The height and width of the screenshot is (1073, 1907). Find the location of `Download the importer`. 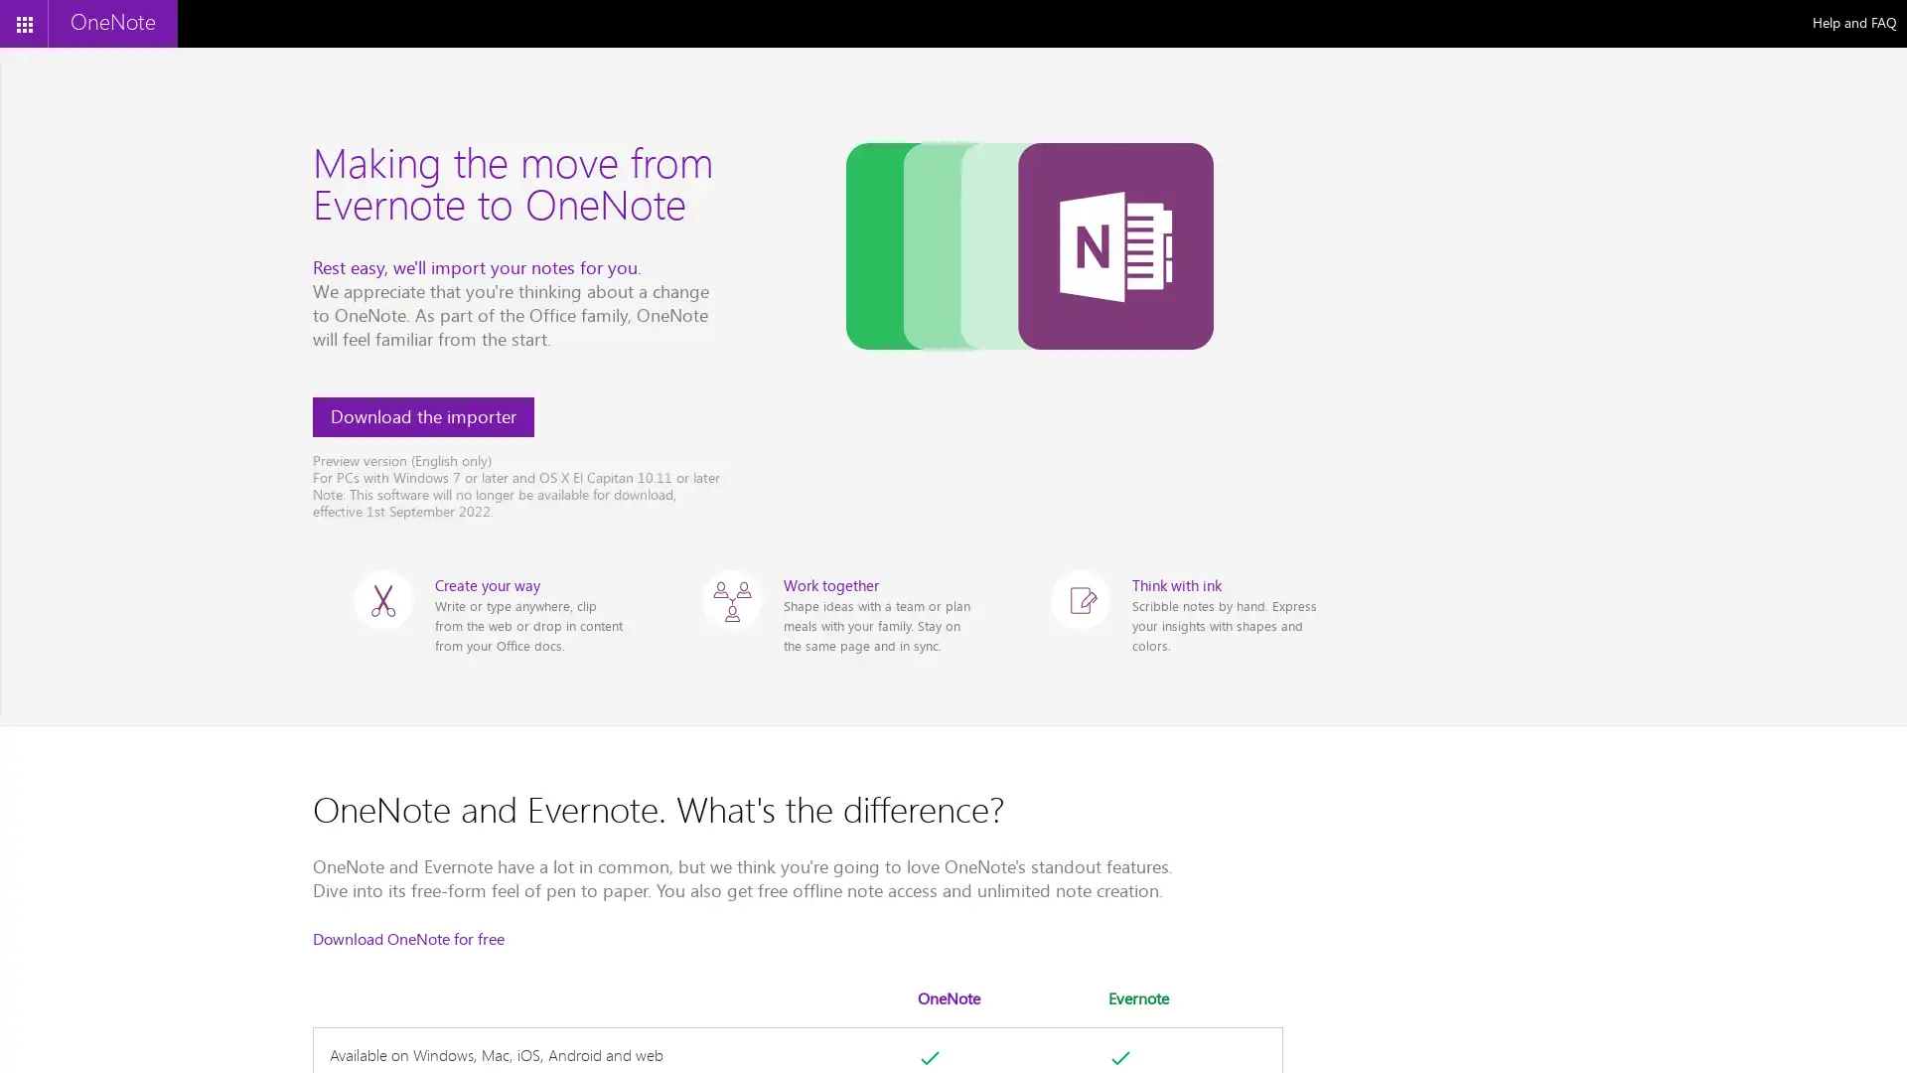

Download the importer is located at coordinates (422, 416).